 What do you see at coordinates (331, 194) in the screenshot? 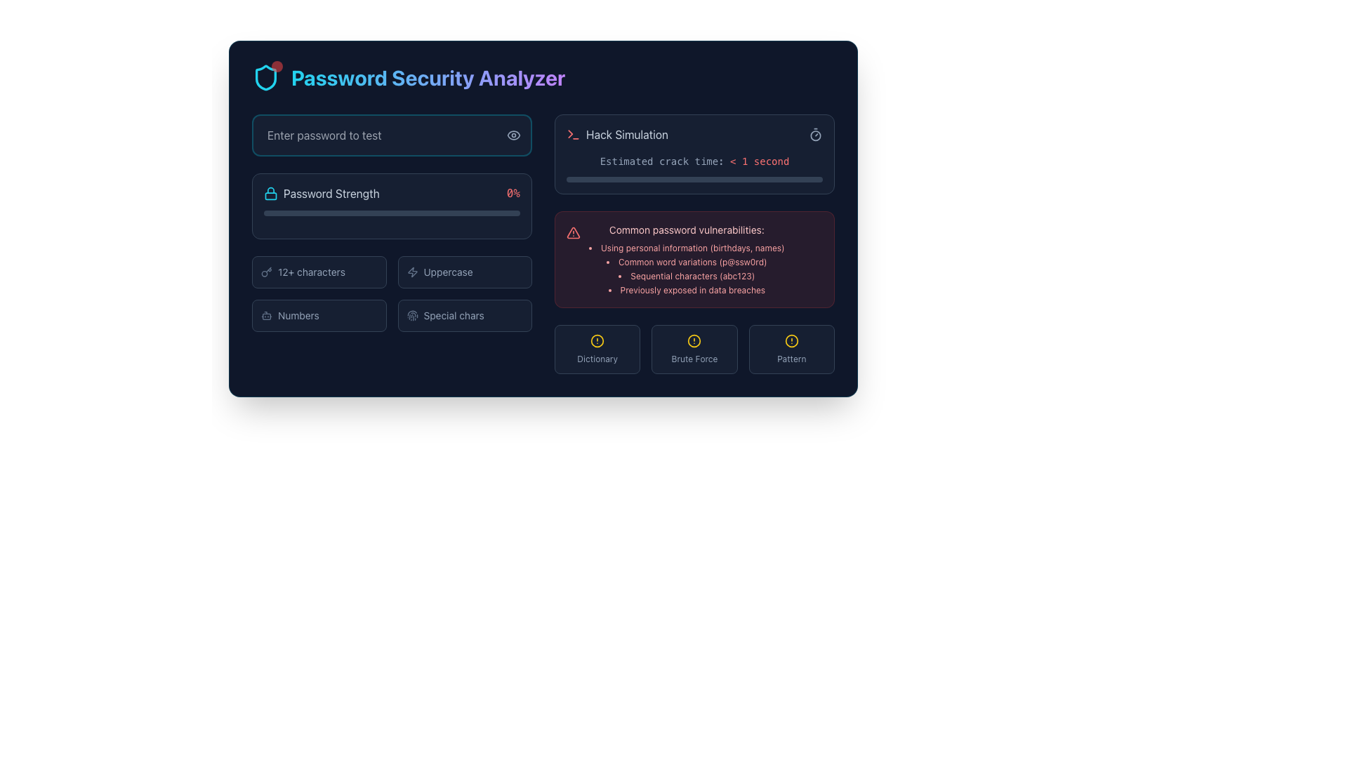
I see `the 'Password Strength' label, which is displayed in light gray against a dark navy background and is positioned to the right of a lock icon` at bounding box center [331, 194].